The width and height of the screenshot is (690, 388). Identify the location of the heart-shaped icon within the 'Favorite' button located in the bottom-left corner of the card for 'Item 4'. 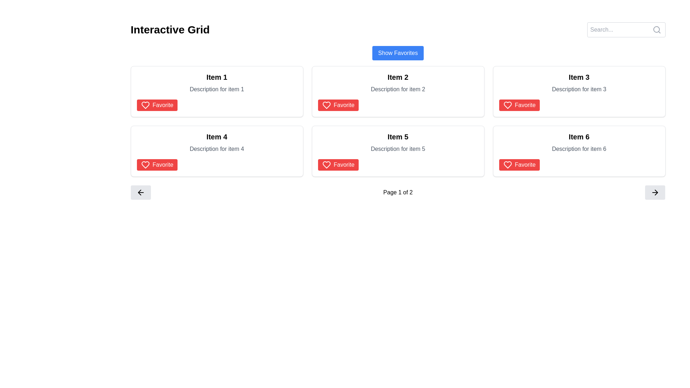
(145, 165).